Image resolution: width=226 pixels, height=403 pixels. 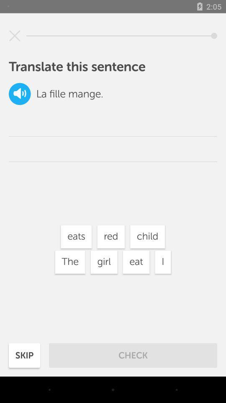 What do you see at coordinates (20, 94) in the screenshot?
I see `the icon to the left of la` at bounding box center [20, 94].